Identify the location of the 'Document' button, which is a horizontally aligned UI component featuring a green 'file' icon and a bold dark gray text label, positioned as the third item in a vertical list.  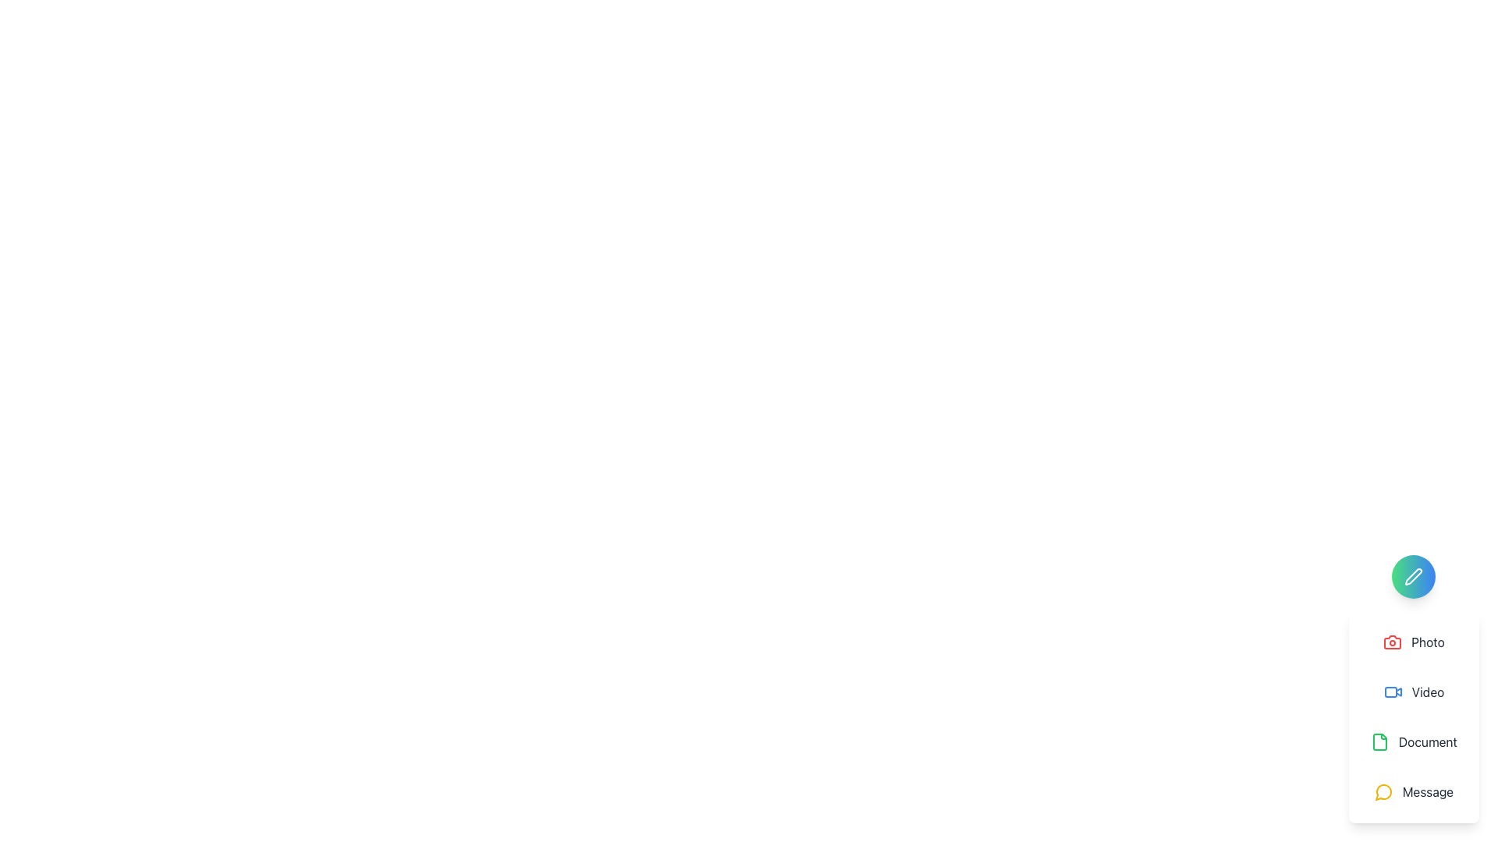
(1414, 741).